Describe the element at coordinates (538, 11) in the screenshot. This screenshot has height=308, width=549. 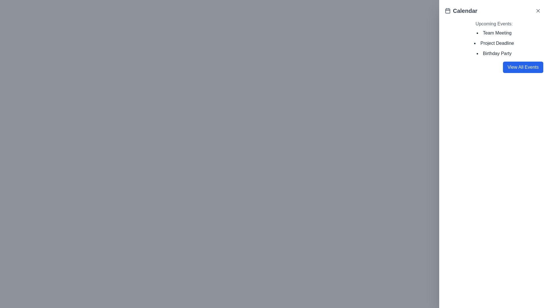
I see `the Close Button icon, which is a diagonal cross located in the top-right corner of the sidebar` at that location.